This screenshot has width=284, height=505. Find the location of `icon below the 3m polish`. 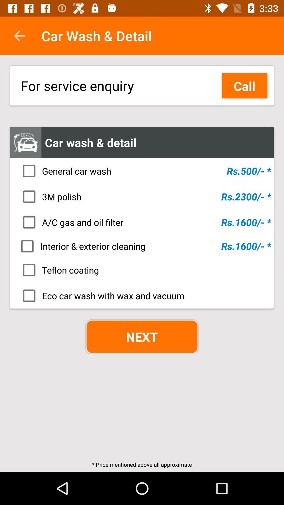

icon below the 3m polish is located at coordinates (144, 222).